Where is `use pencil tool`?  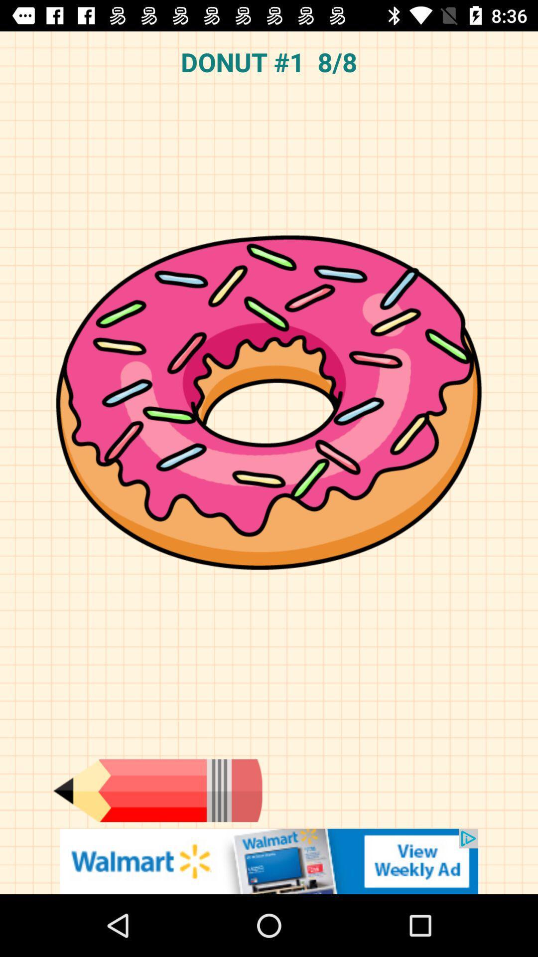 use pencil tool is located at coordinates (157, 790).